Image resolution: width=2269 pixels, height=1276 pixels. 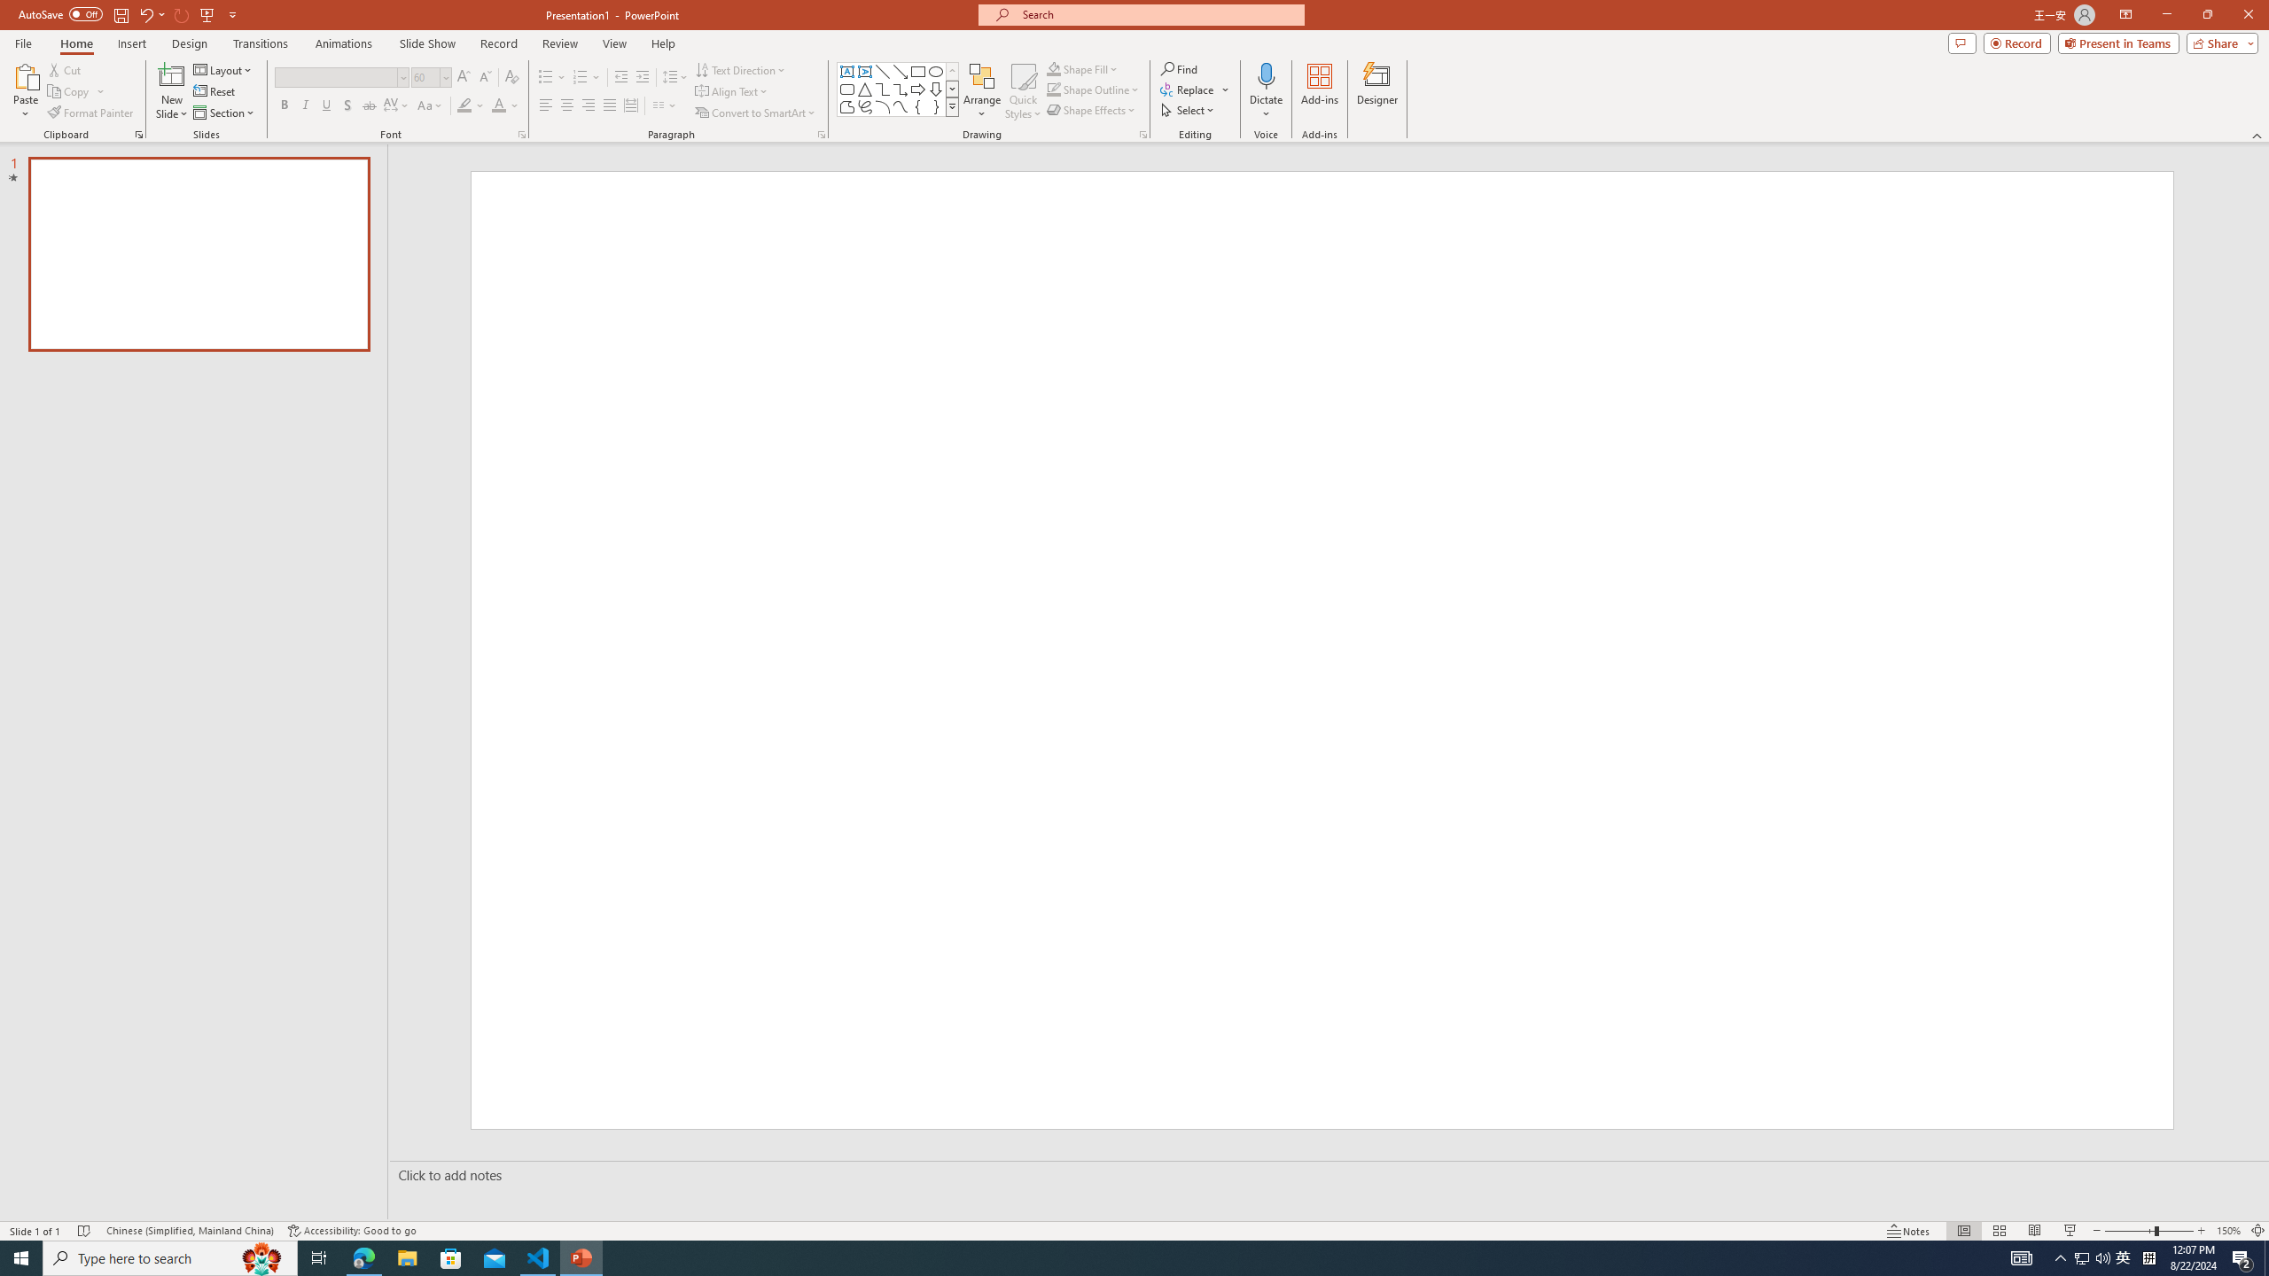 I want to click on 'Line', so click(x=881, y=71).